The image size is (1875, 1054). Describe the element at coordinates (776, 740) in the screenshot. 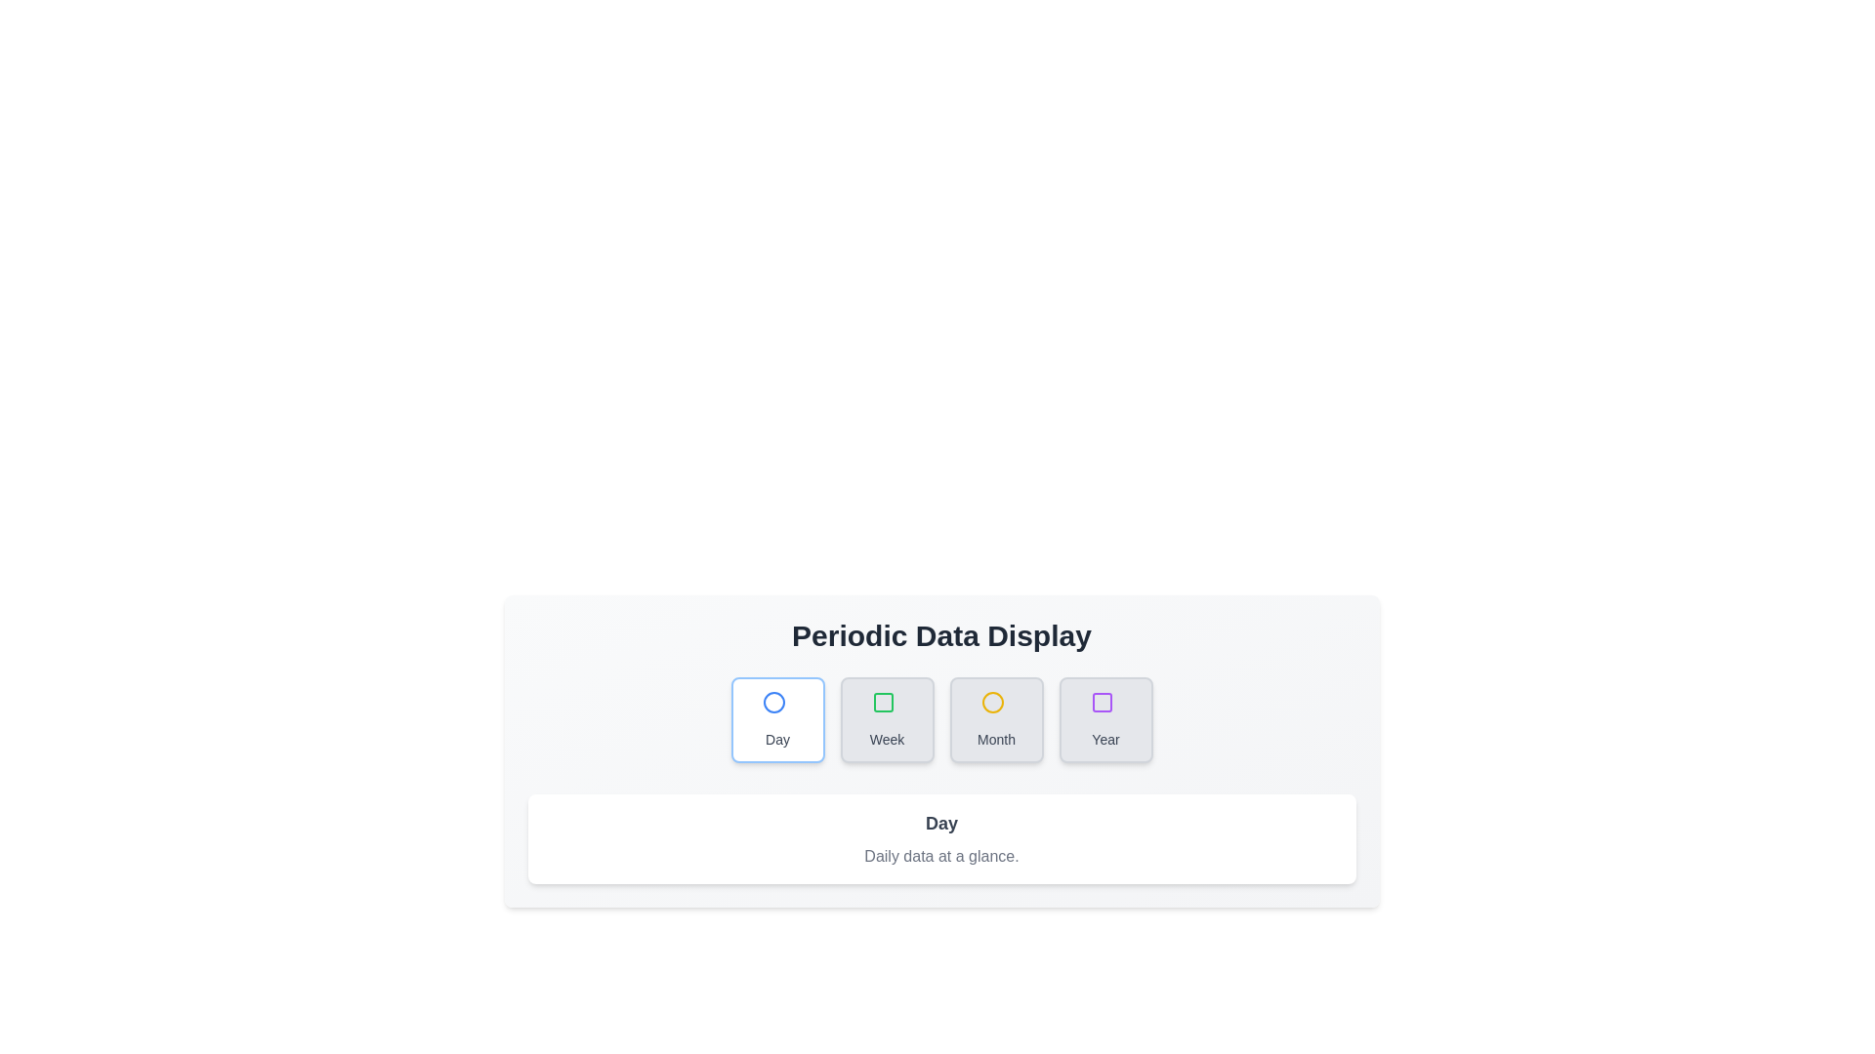

I see `the text label displaying 'Day', which is the leftmost button among four horizontally arranged buttons labeled 'Day', 'Week', 'Month', and 'Year'` at that location.